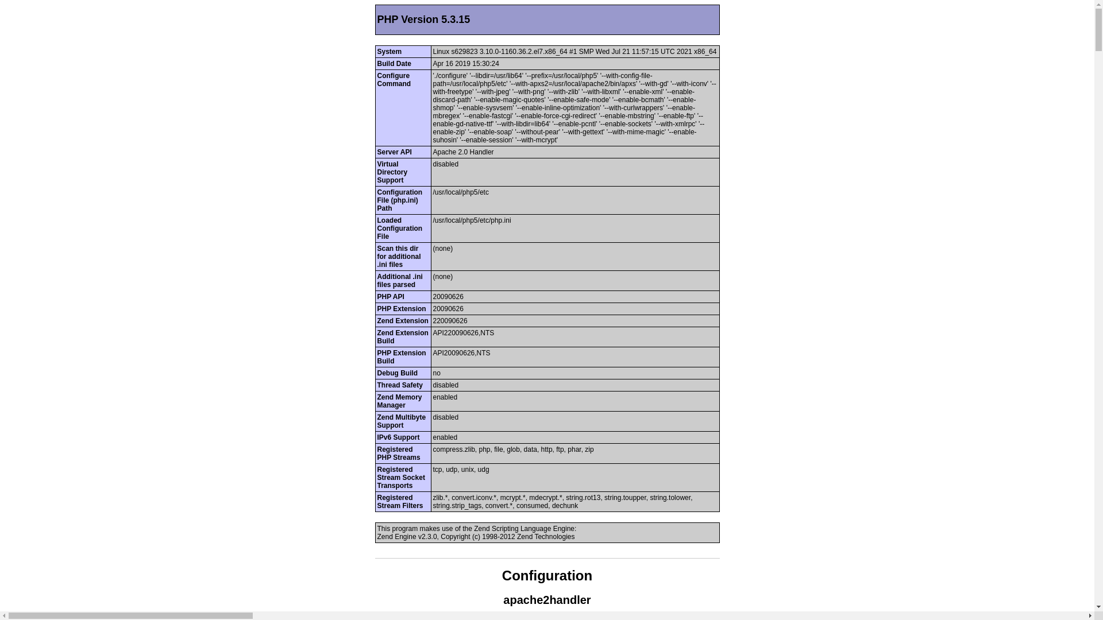 The width and height of the screenshot is (1103, 620). I want to click on 'apache2handler', so click(546, 599).